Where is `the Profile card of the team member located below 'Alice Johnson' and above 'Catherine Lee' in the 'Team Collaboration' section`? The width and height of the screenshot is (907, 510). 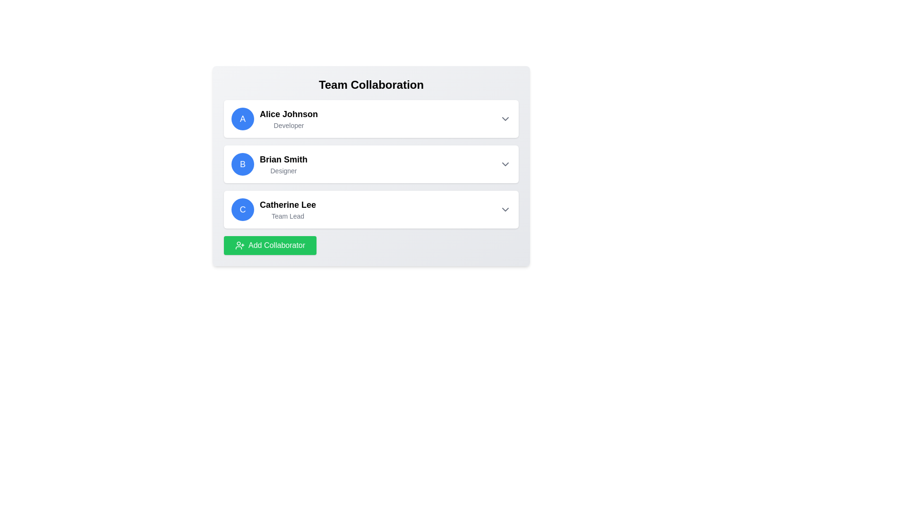
the Profile card of the team member located below 'Alice Johnson' and above 'Catherine Lee' in the 'Team Collaboration' section is located at coordinates (371, 163).